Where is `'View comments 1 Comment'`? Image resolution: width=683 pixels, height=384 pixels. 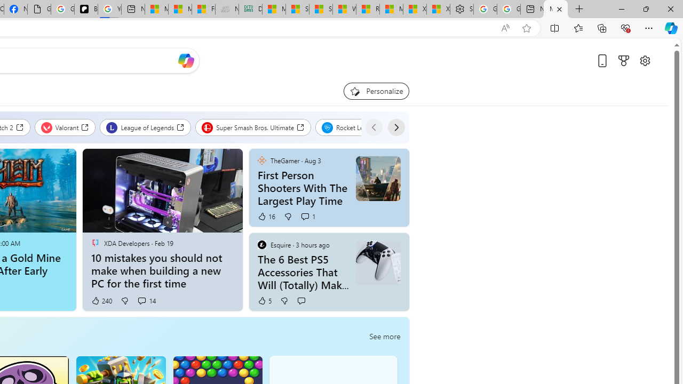 'View comments 1 Comment' is located at coordinates (304, 216).